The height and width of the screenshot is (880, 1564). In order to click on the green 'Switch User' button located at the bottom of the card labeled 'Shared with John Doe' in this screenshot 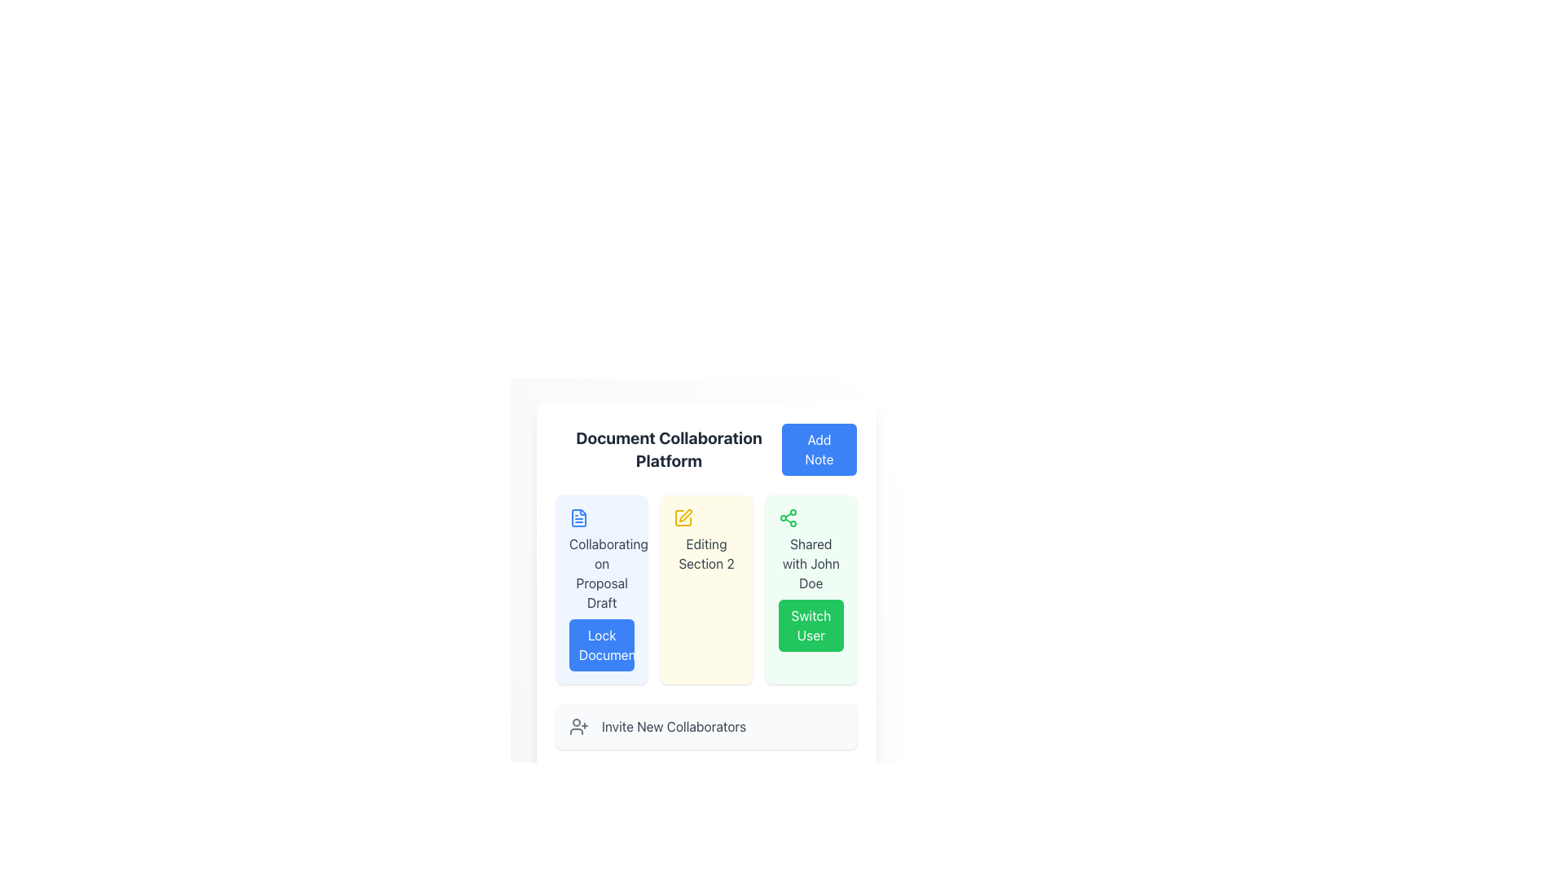, I will do `click(811, 624)`.